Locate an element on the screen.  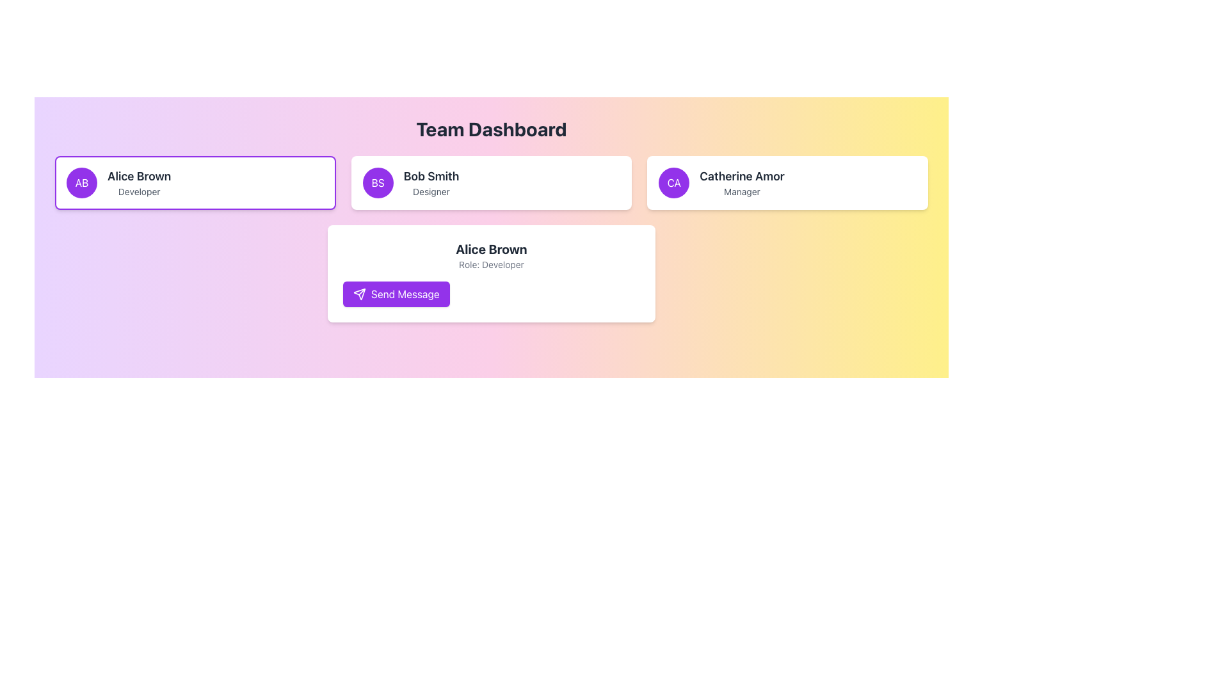
the Text Display showing 'Catherine Amor' and 'Manager' is located at coordinates (742, 182).